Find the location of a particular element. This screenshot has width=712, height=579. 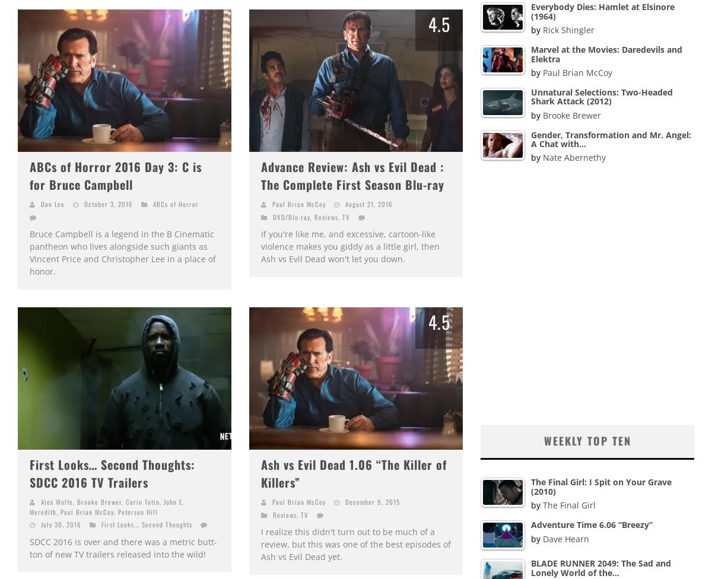

'BLADE RUNNER 2049: The Sad and Lonely World of the…' is located at coordinates (601, 567).